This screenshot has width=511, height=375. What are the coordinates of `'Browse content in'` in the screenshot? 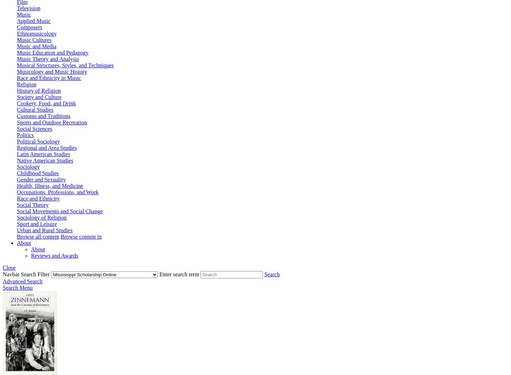 It's located at (60, 236).